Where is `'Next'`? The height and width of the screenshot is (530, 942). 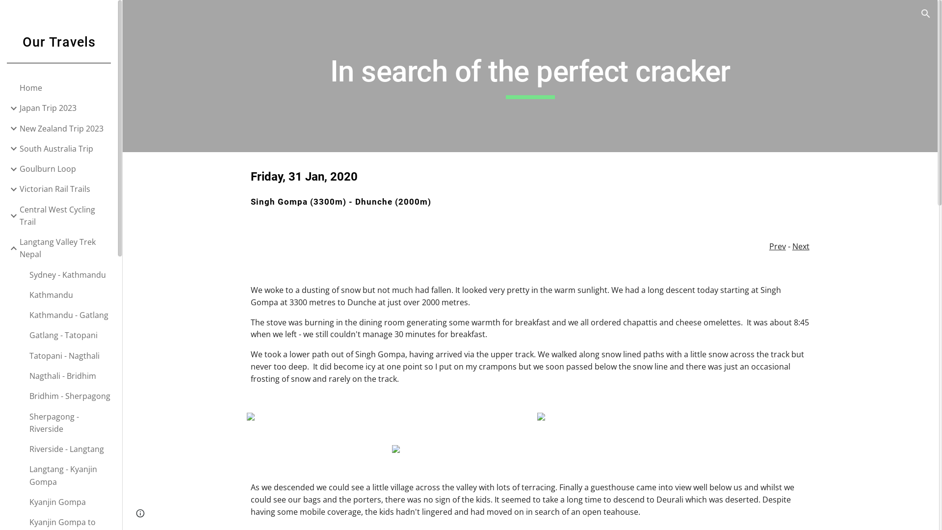
'Next' is located at coordinates (792, 245).